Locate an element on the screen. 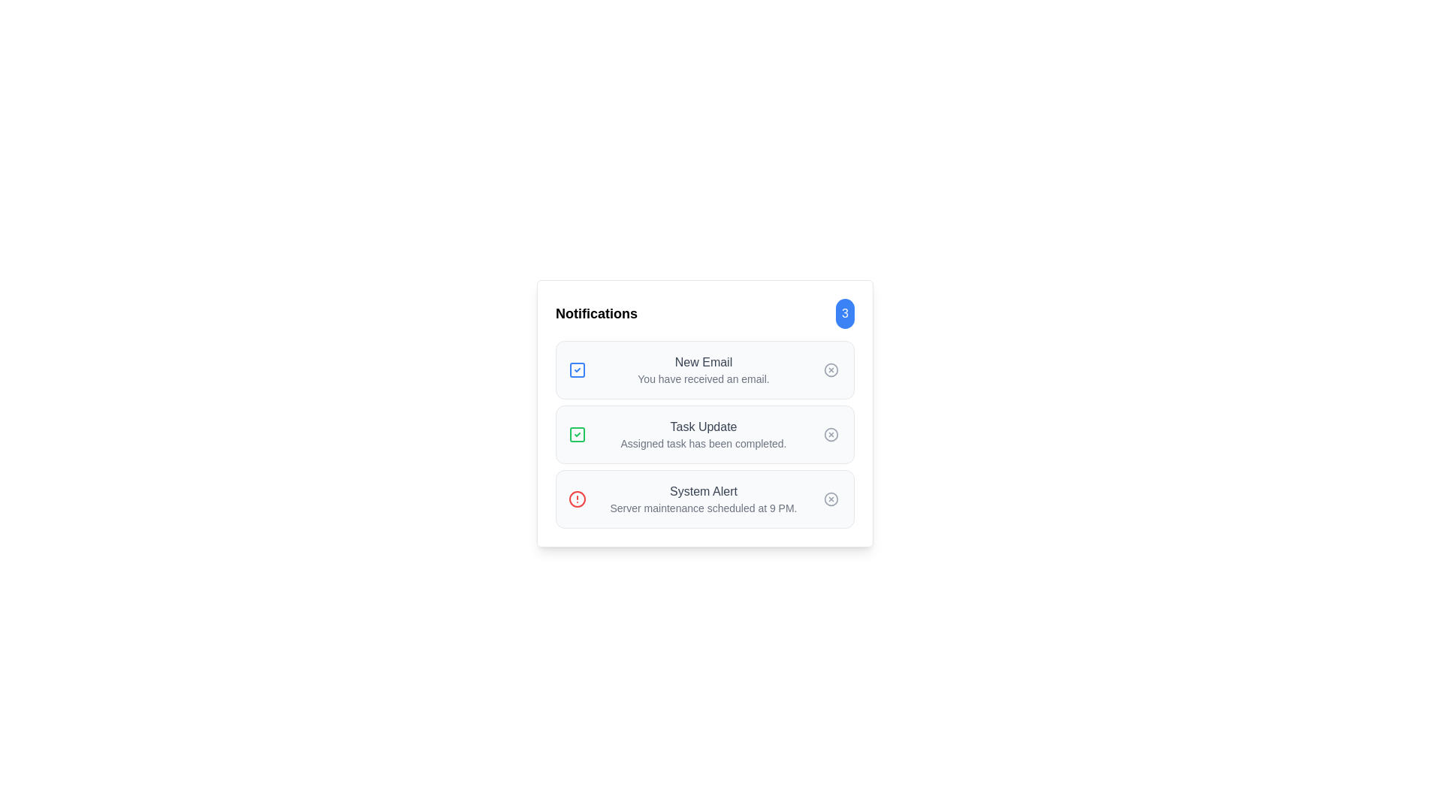  text label stating 'Server maintenance scheduled at 9 PM.' located under the 'System Alert' heading in the notification panel is located at coordinates (702, 508).